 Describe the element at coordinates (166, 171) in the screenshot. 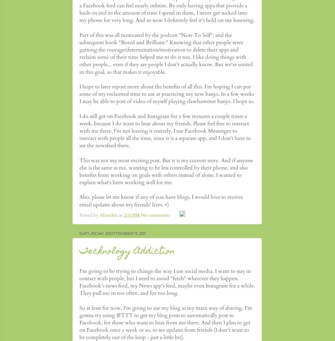

I see `'This was not my most exciting post. But it is my current story. And if anyone else is the same as me, wanting to be less controlled by their phone, and also benefits from working on goals with others instead of alone, I wanted to explain what's been working well for me.'` at that location.